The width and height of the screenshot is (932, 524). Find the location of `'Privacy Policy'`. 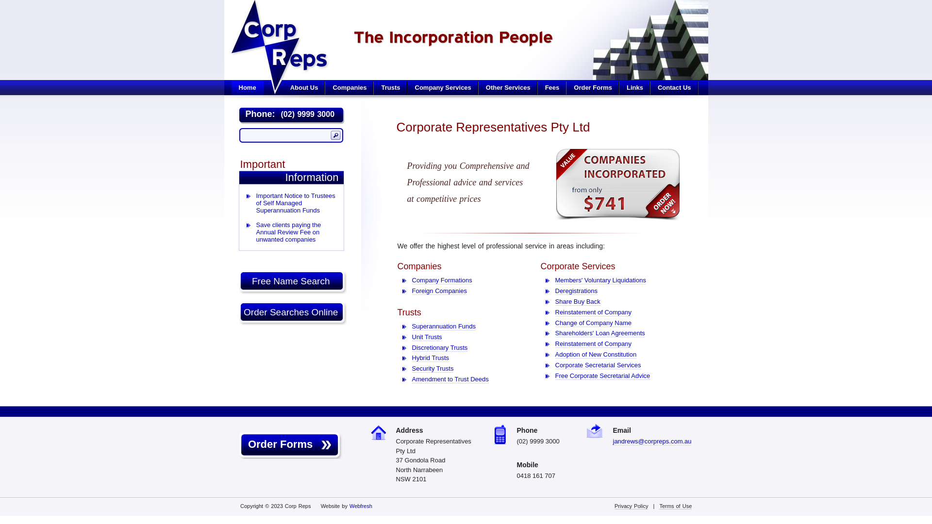

'Privacy Policy' is located at coordinates (631, 506).